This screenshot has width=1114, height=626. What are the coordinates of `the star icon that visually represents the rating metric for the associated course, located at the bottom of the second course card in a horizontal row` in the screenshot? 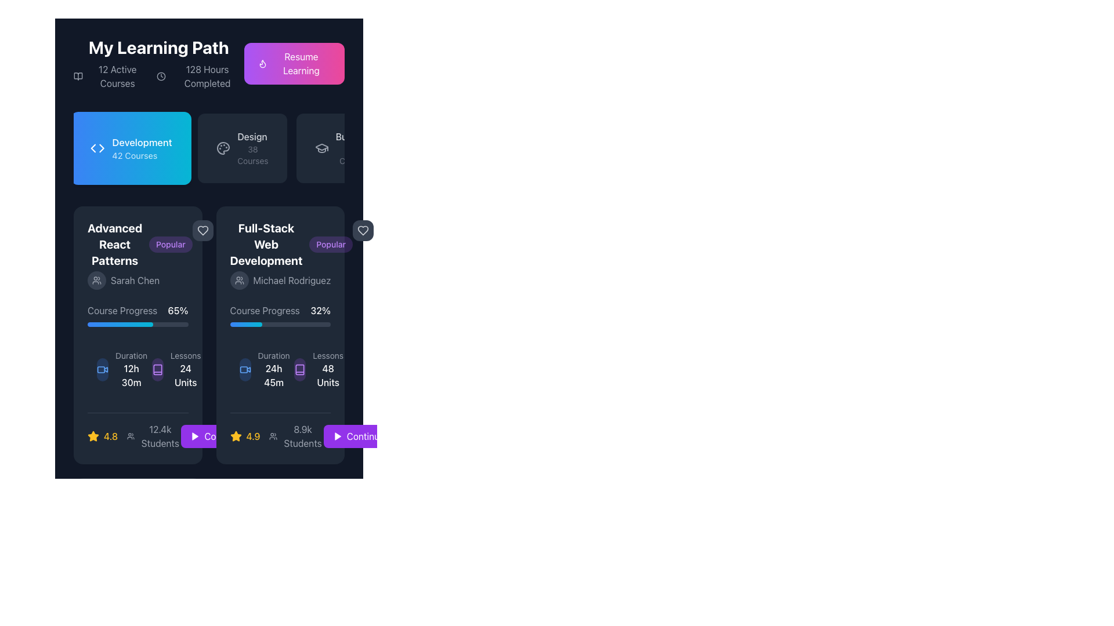 It's located at (93, 436).